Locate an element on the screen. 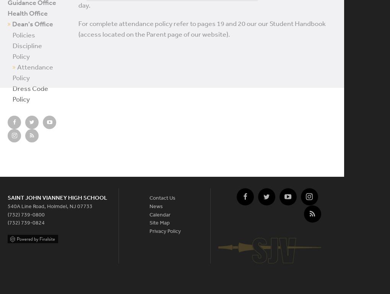 This screenshot has width=390, height=294. '540A Line Road, Holmdel, NJ 07733' is located at coordinates (50, 205).